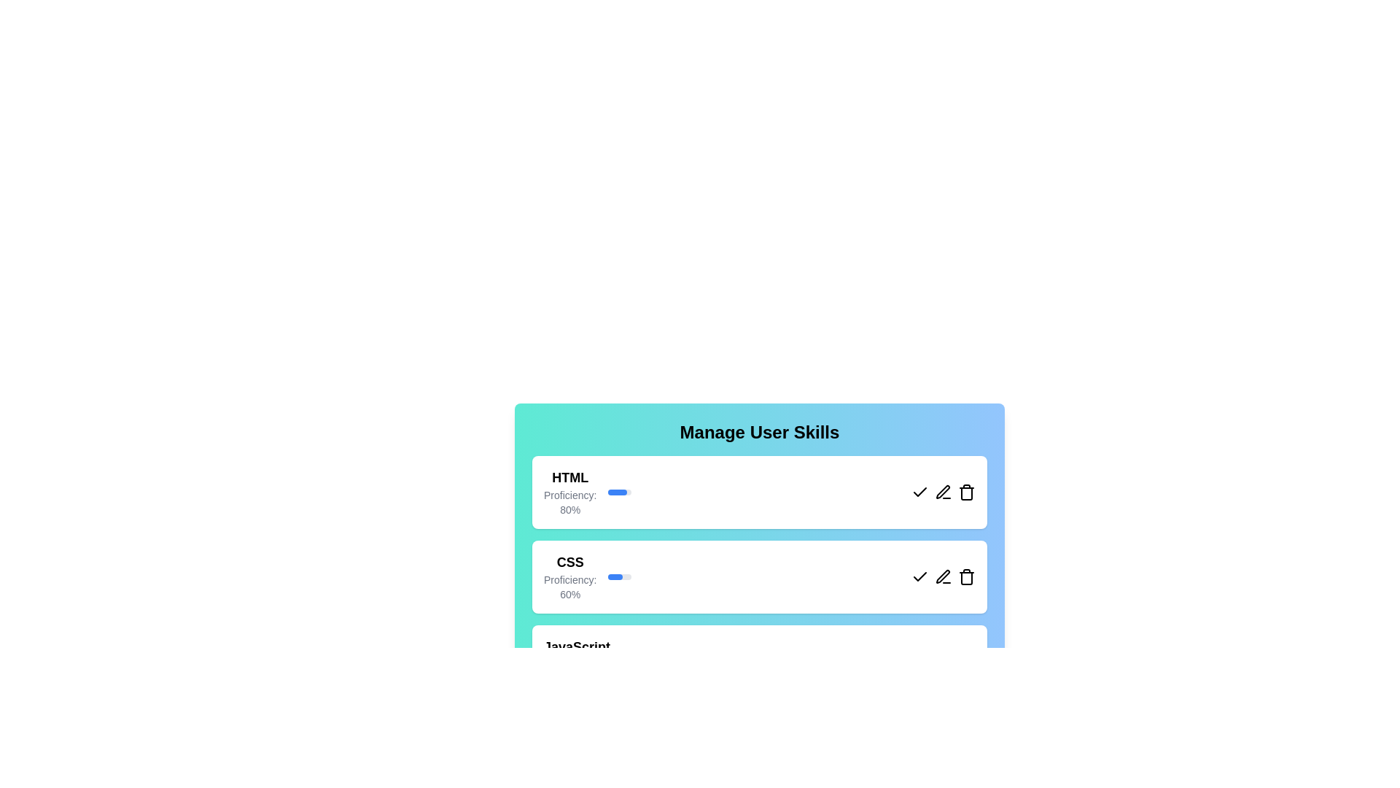 The width and height of the screenshot is (1400, 788). I want to click on the edit button for the skill CSS, so click(944, 576).